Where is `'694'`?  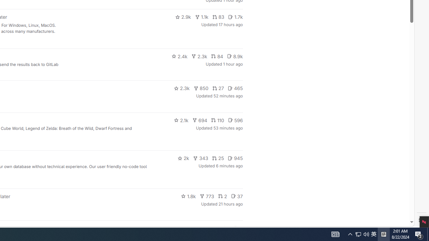 '694' is located at coordinates (199, 119).